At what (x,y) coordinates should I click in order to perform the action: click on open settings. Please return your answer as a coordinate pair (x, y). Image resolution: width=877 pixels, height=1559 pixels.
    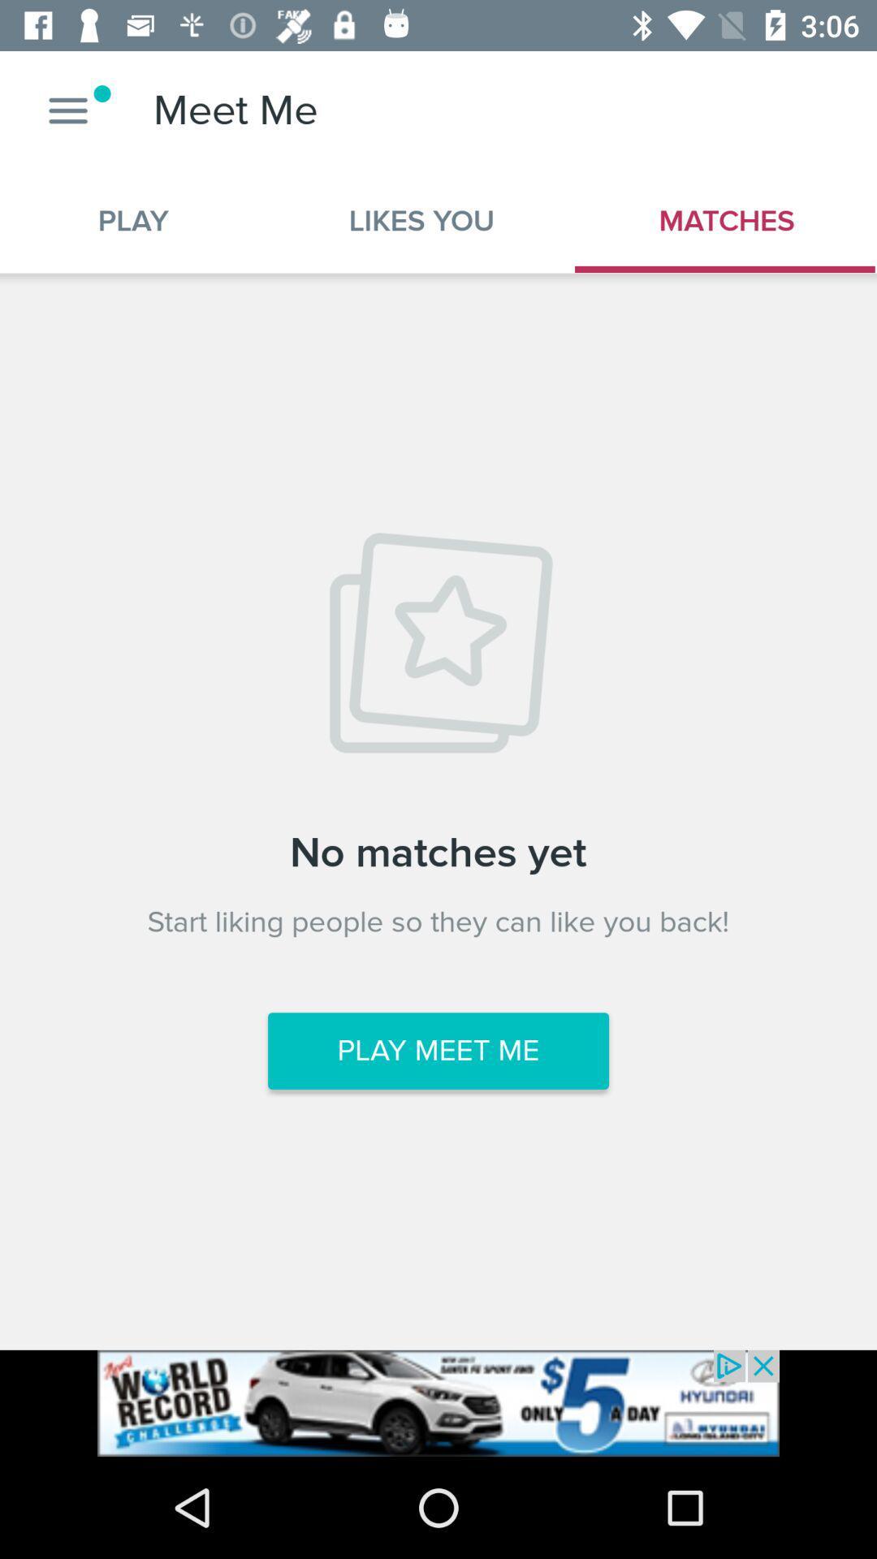
    Looking at the image, I should click on (67, 110).